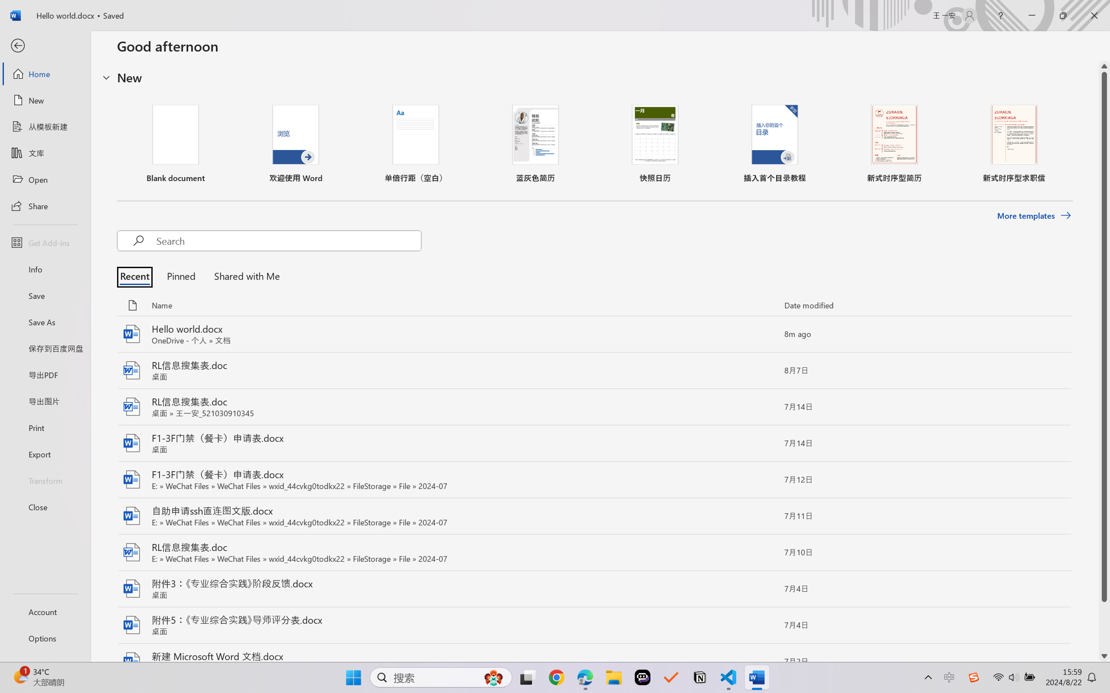 This screenshot has width=1110, height=693. I want to click on 'Share', so click(44, 205).